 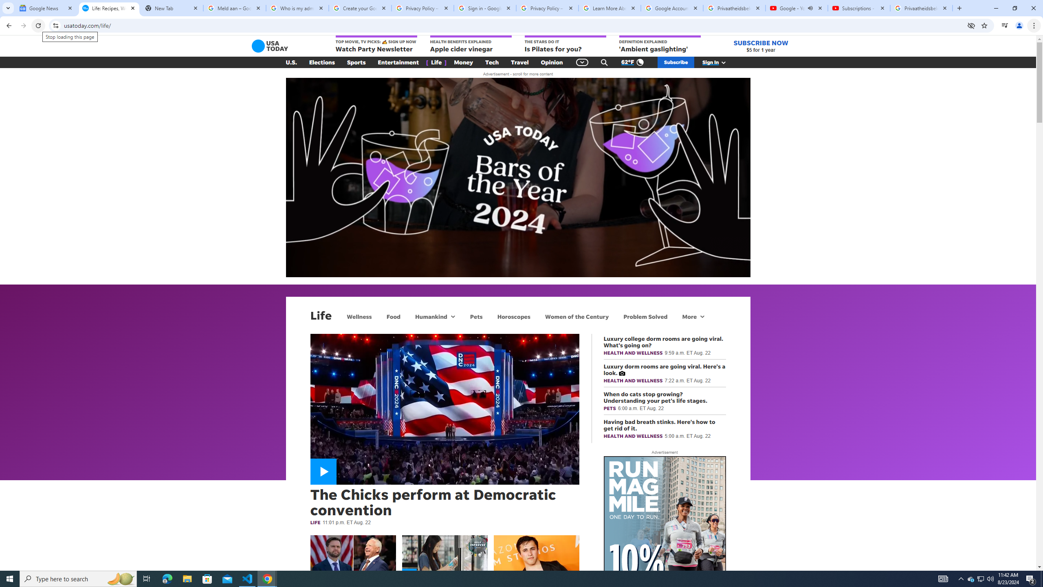 What do you see at coordinates (398, 62) in the screenshot?
I see `'Entertainment'` at bounding box center [398, 62].